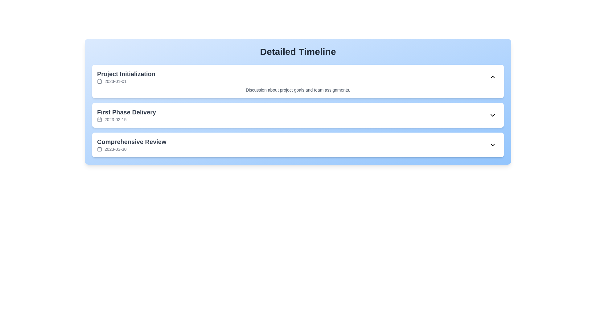 This screenshot has width=592, height=333. What do you see at coordinates (99, 149) in the screenshot?
I see `the icon representing the date functionality located to the left of the 'Comprehensive Review 2023-03-30' row` at bounding box center [99, 149].